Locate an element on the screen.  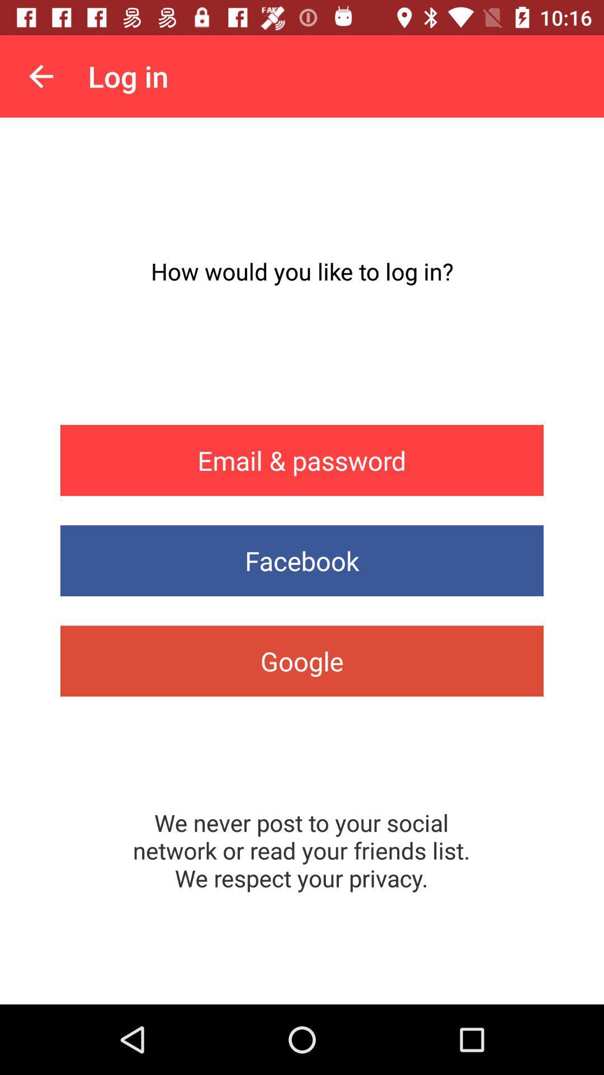
icon below the how would you item is located at coordinates (302, 460).